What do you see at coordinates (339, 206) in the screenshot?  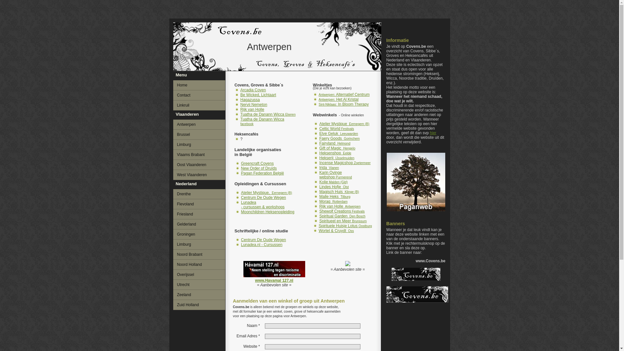 I see `'Rijk van Holle  Antwerpen'` at bounding box center [339, 206].